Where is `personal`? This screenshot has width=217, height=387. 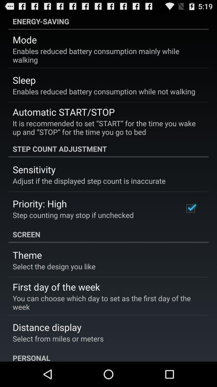
personal is located at coordinates (108, 355).